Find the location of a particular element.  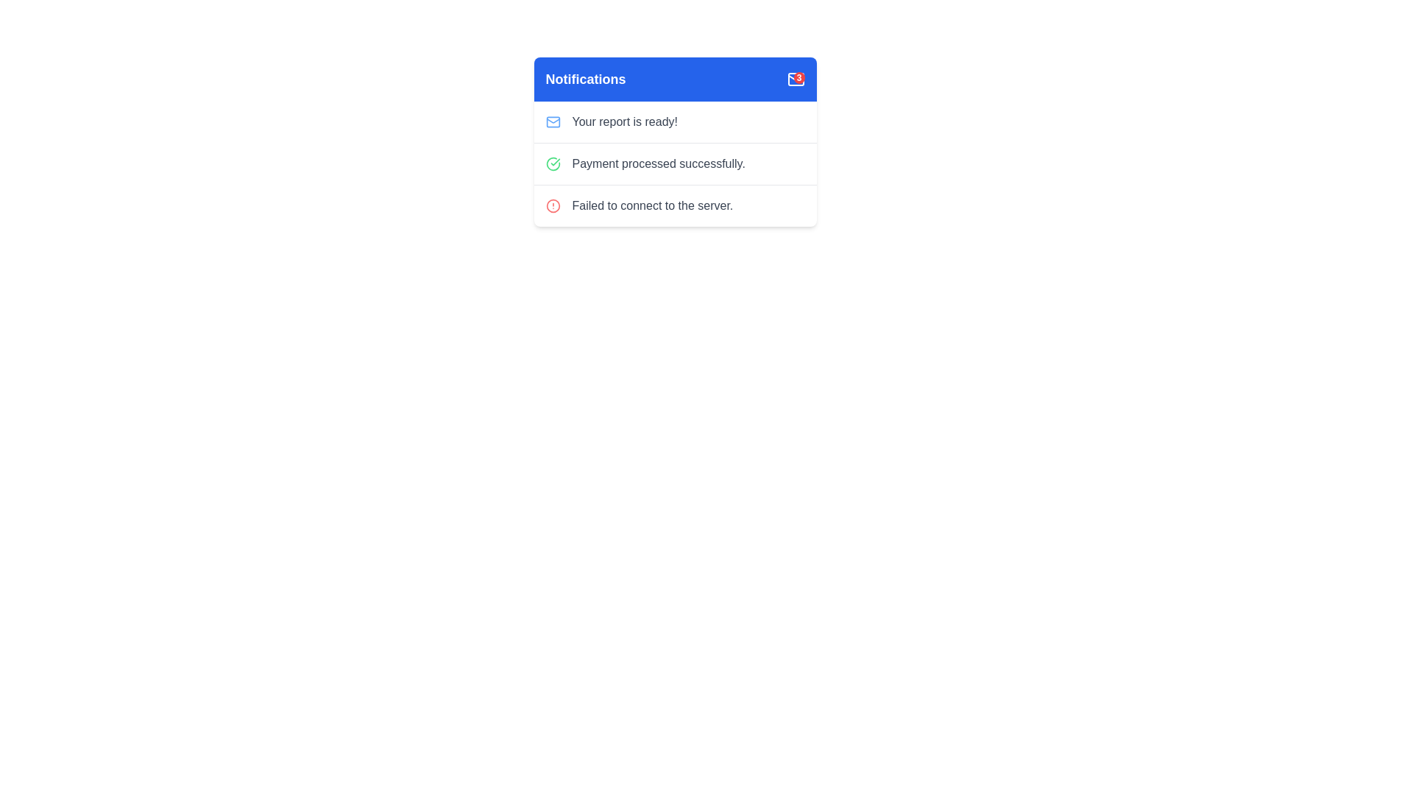

the Notification Badge indicating unread notifications, located in the top-right corner of the notification icon within the blue header box is located at coordinates (798, 77).